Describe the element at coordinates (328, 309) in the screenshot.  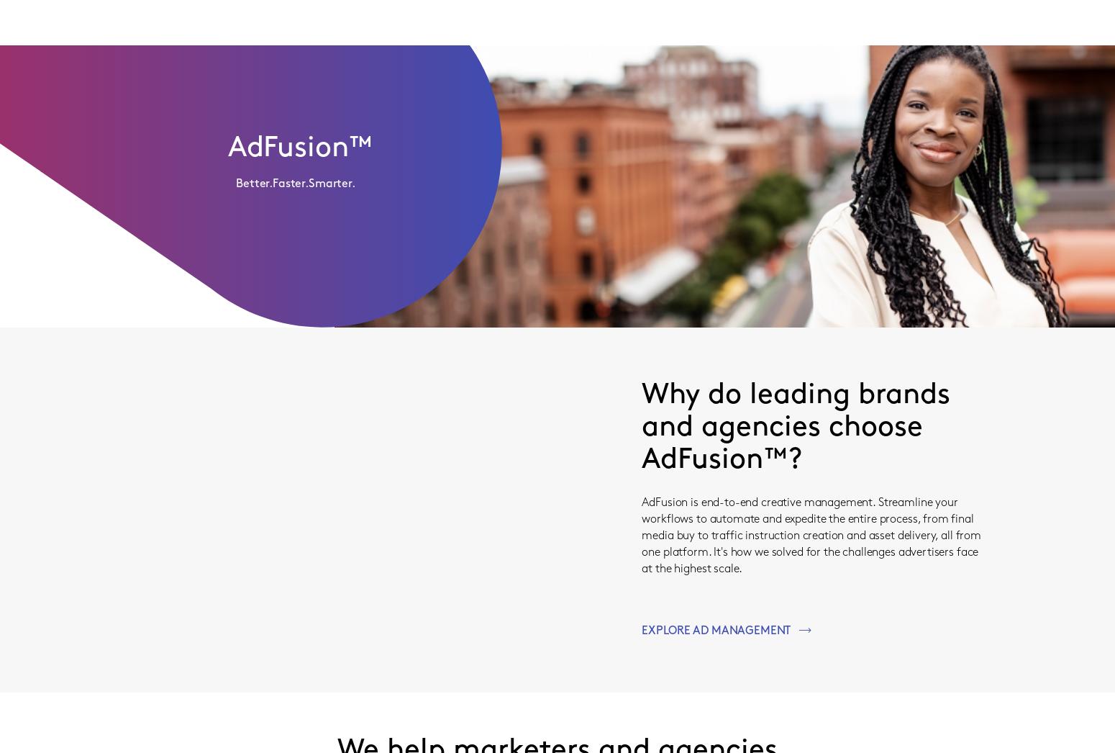
I see `'A better, faster, smarter ad creative process.'` at that location.